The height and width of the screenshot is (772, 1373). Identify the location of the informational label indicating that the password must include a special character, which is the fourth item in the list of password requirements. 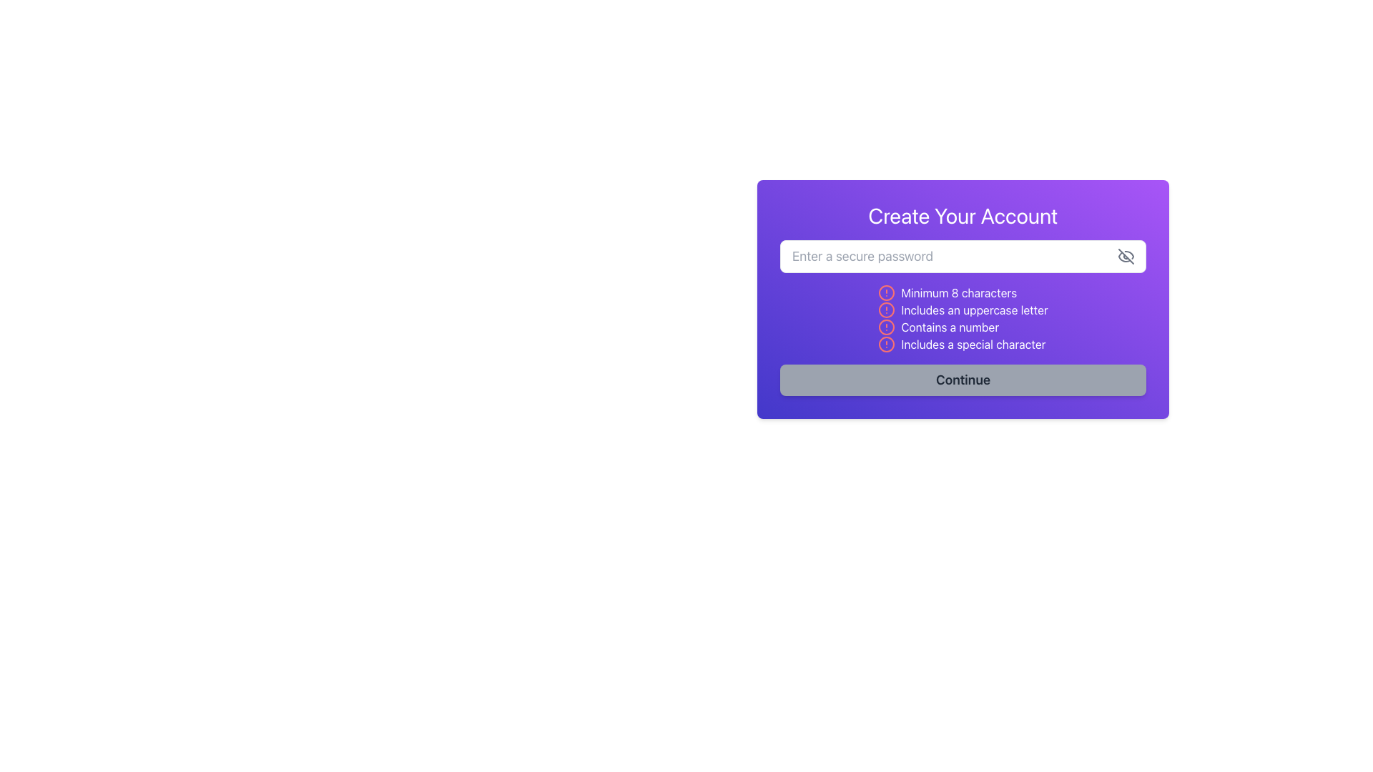
(963, 345).